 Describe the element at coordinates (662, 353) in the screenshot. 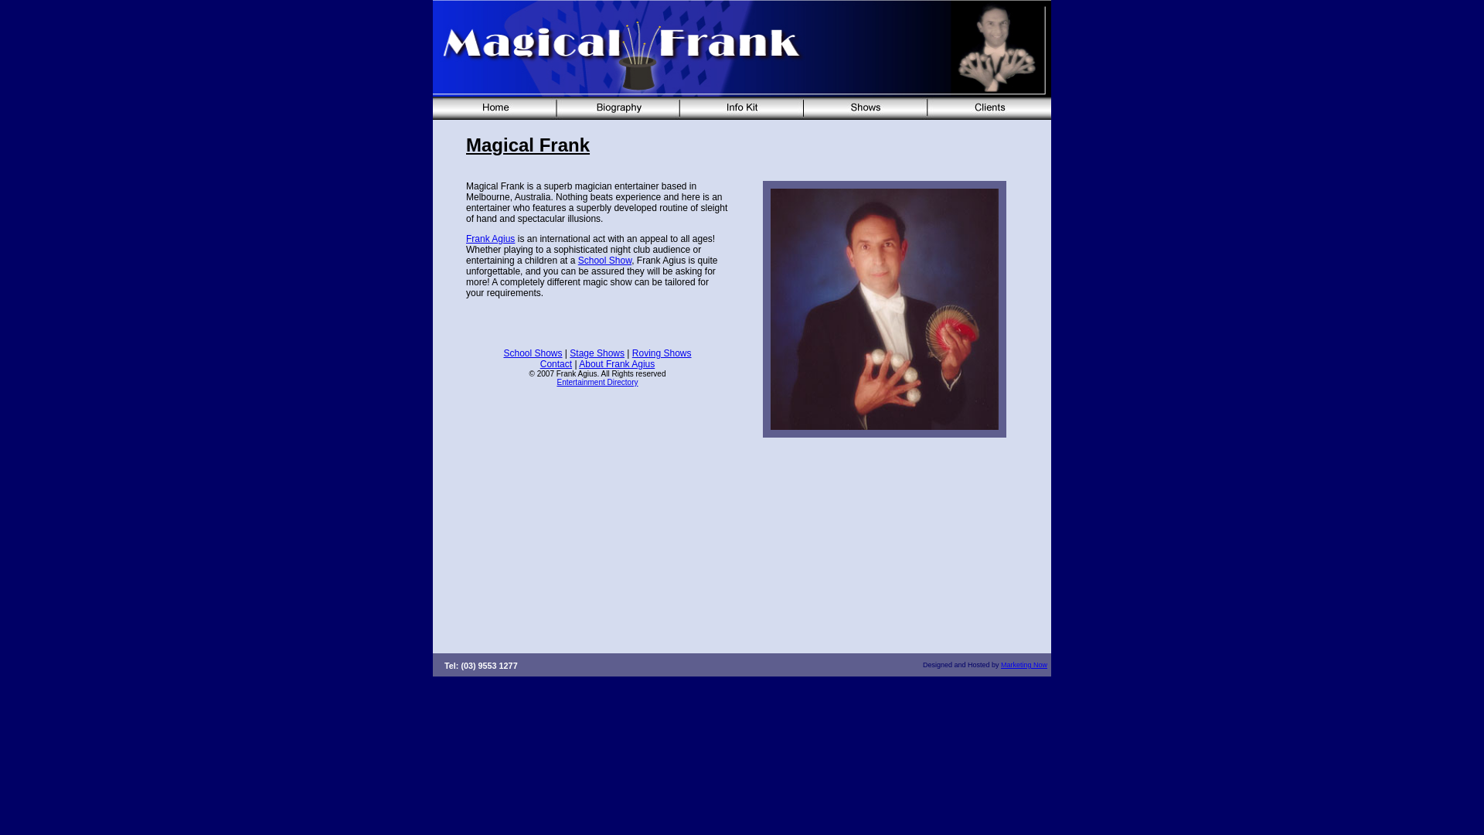

I see `'Roving Shows'` at that location.